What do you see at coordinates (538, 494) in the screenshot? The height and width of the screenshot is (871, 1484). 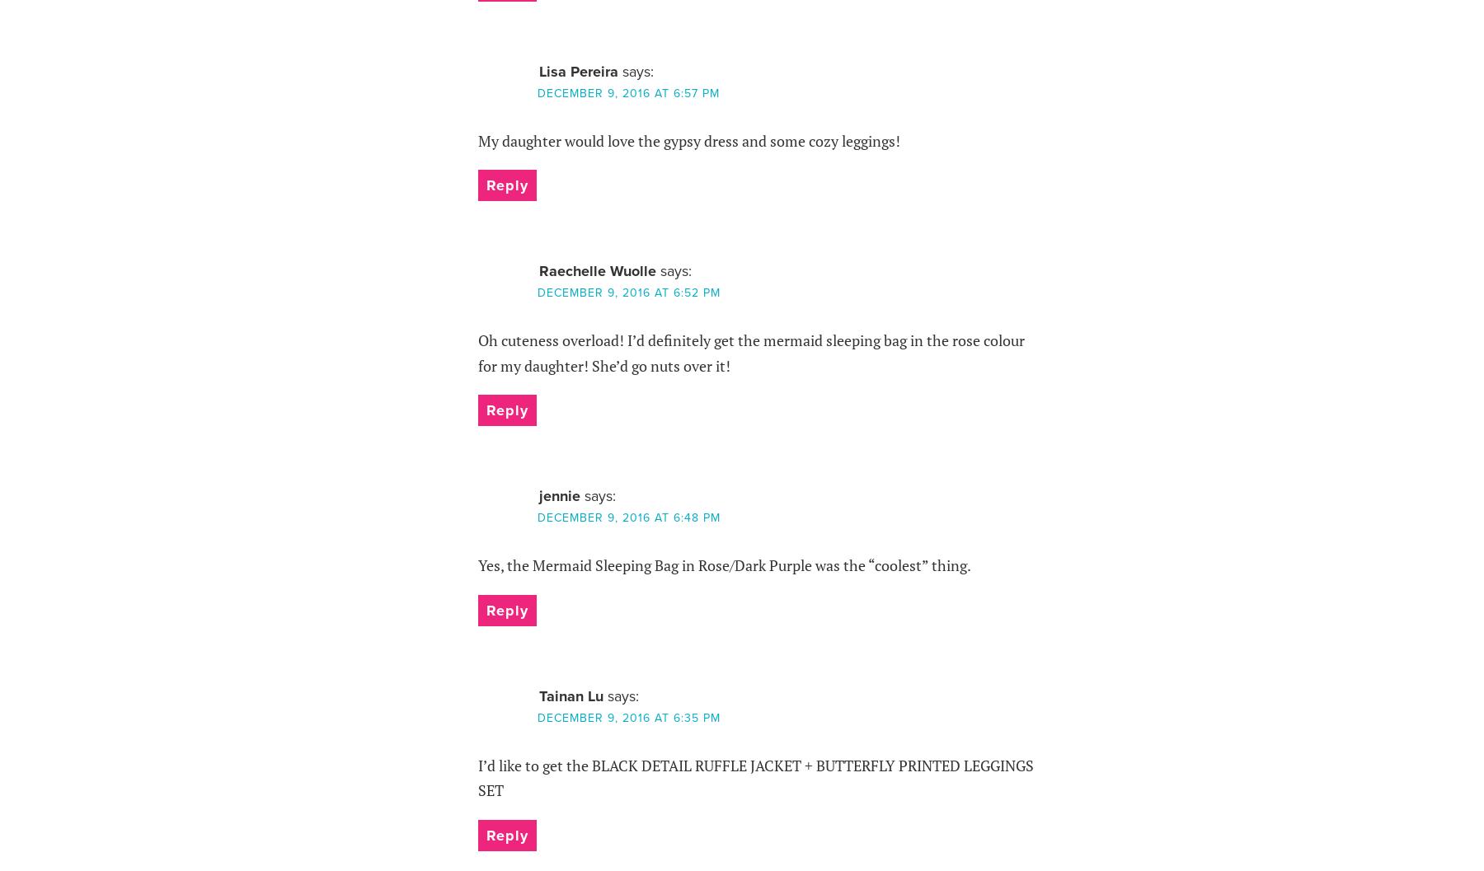 I see `'jennie'` at bounding box center [538, 494].